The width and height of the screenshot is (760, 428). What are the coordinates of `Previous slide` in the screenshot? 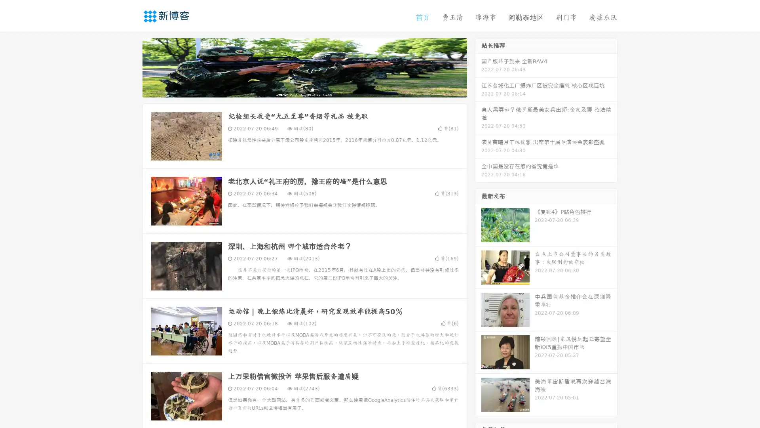 It's located at (131, 67).